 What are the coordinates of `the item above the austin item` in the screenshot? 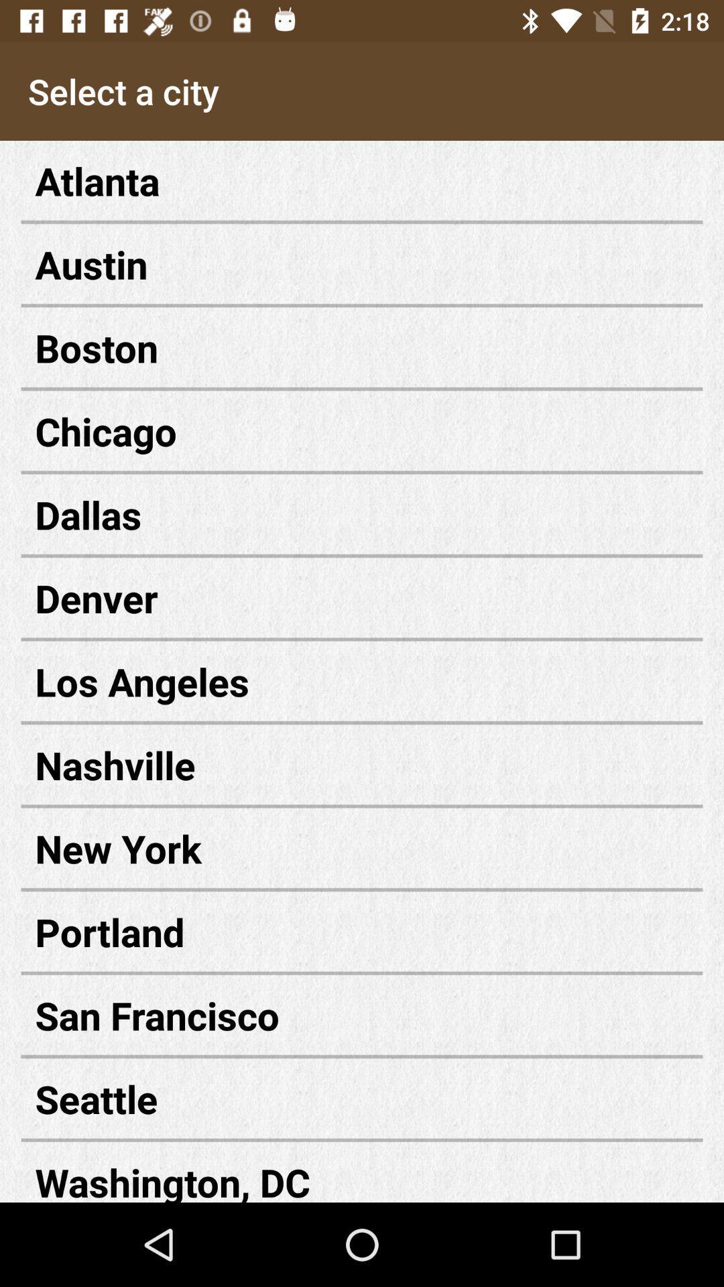 It's located at (362, 180).